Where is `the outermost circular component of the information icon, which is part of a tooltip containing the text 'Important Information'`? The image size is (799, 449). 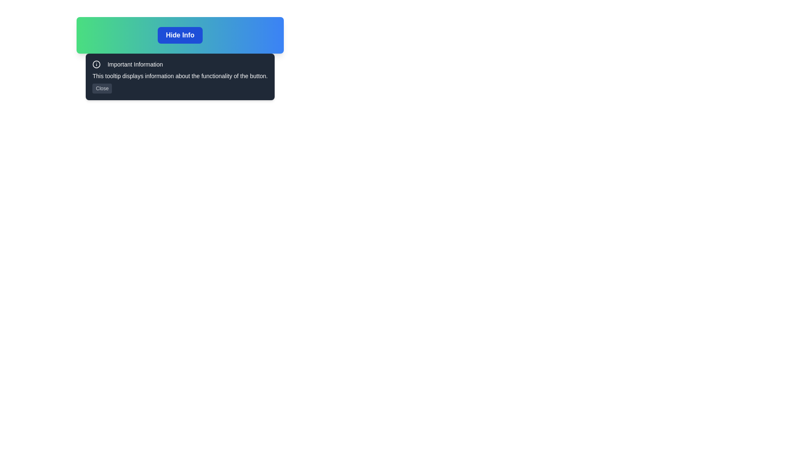 the outermost circular component of the information icon, which is part of a tooltip containing the text 'Important Information' is located at coordinates (97, 64).